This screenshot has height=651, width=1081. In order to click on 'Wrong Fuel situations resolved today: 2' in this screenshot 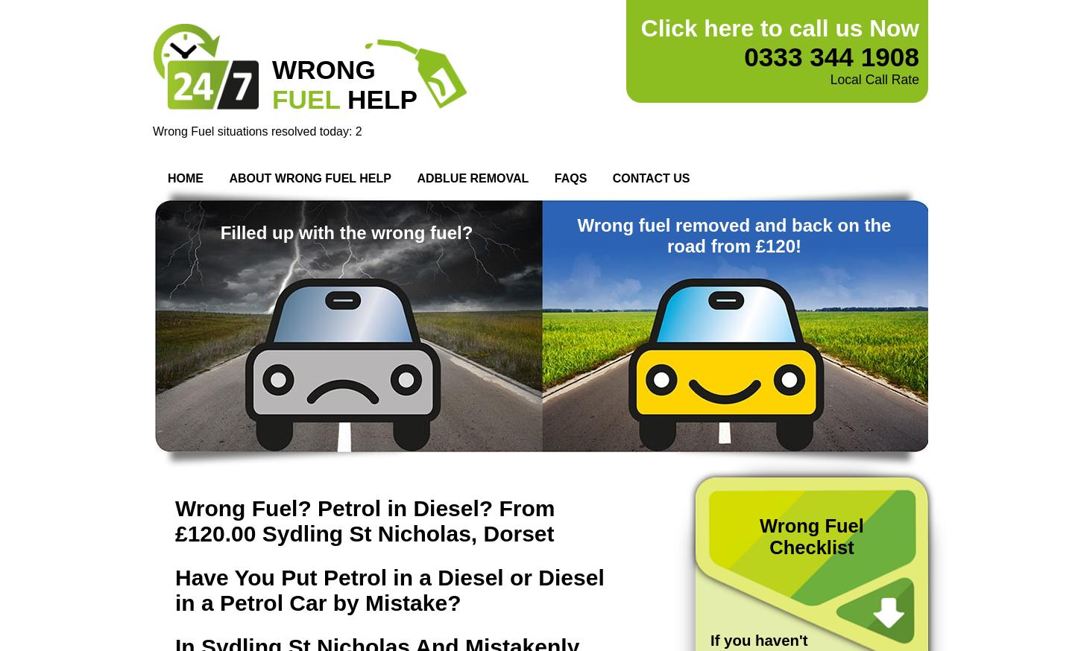, I will do `click(256, 130)`.